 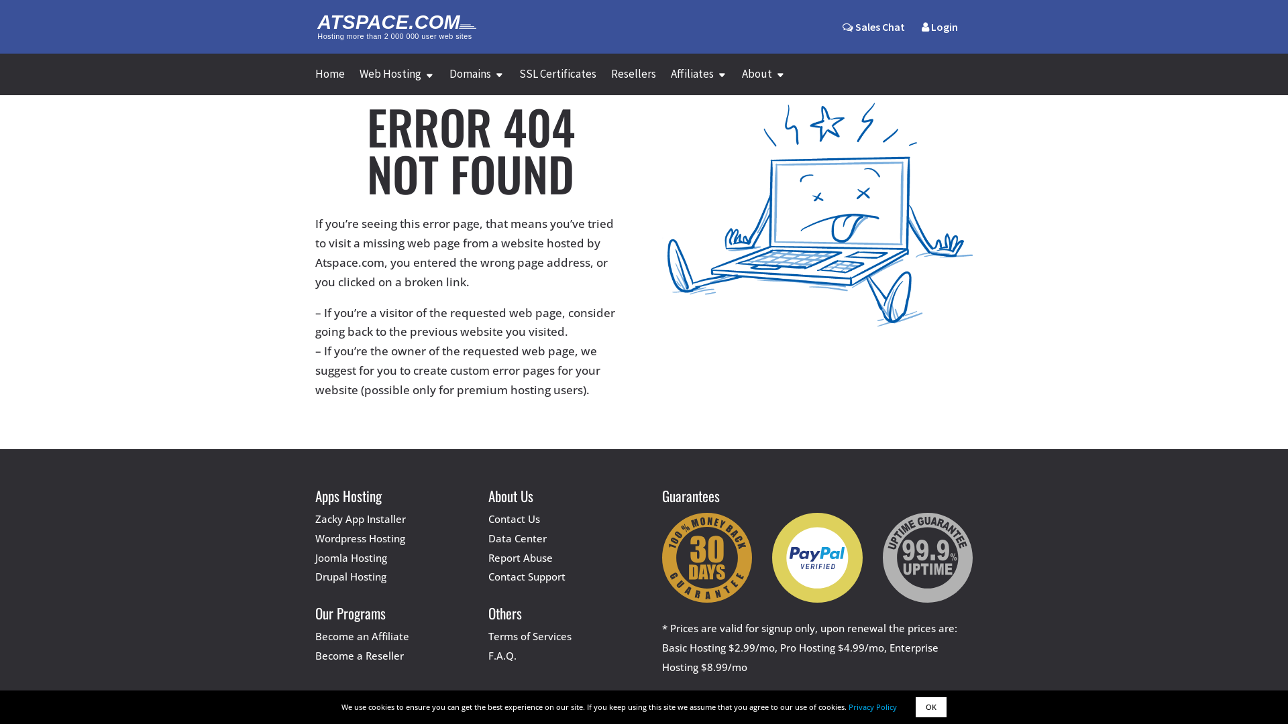 I want to click on 'Wordpress Hosting', so click(x=360, y=537).